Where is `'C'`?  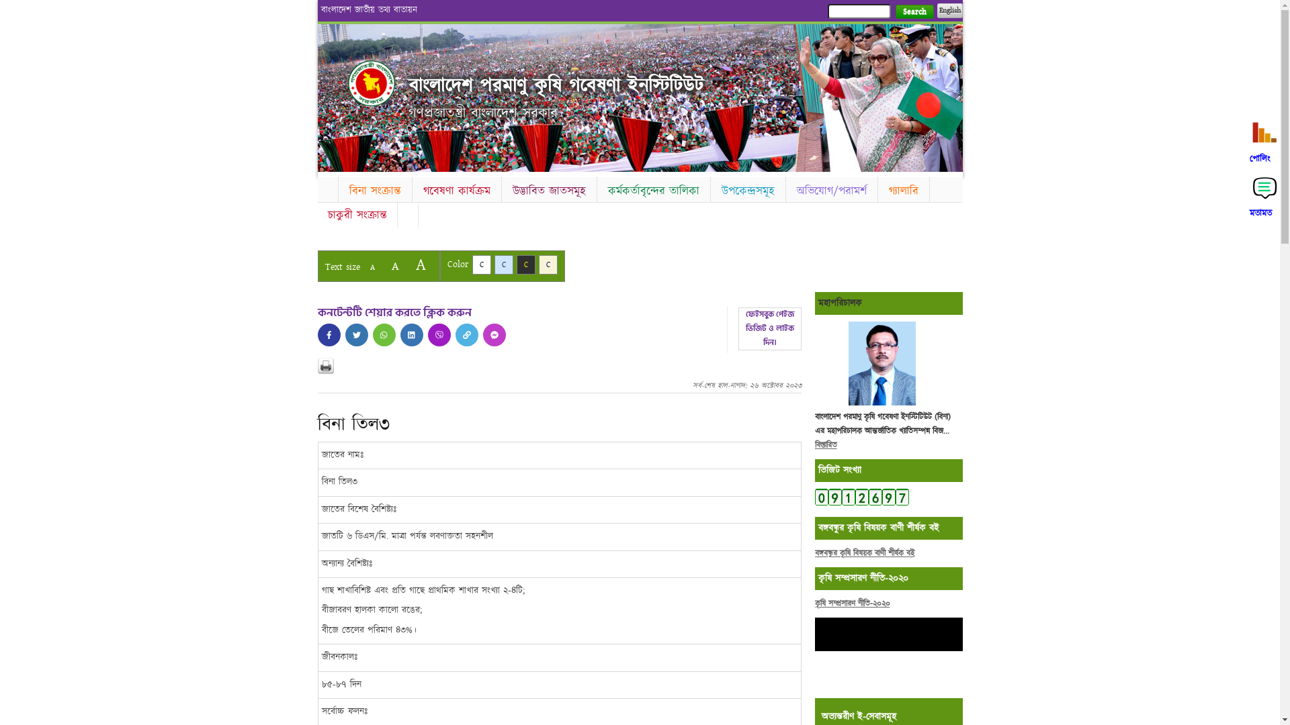
'C' is located at coordinates (548, 264).